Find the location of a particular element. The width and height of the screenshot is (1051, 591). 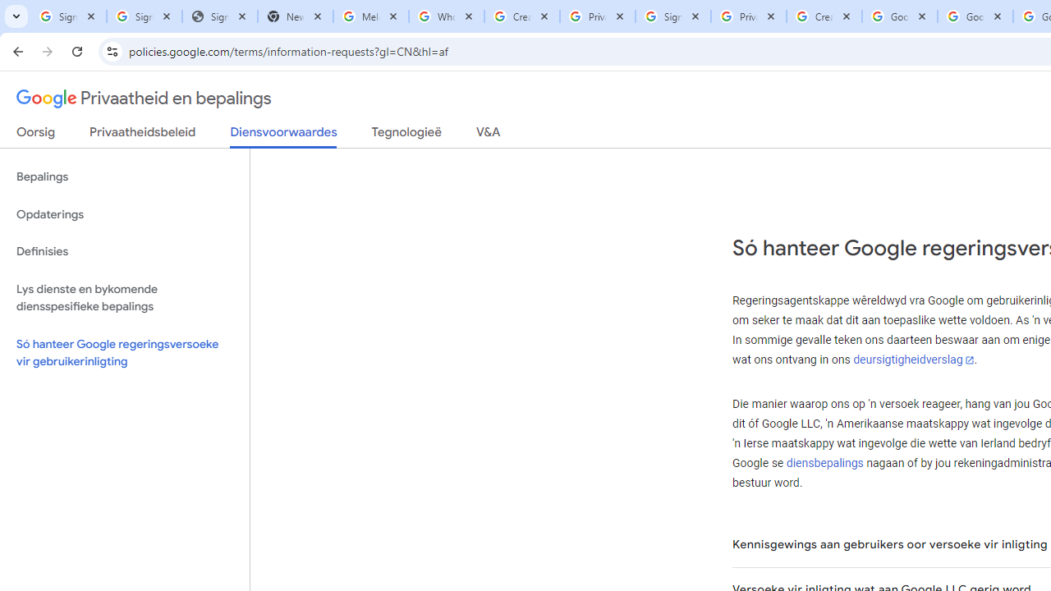

'Bepalings' is located at coordinates (124, 177).